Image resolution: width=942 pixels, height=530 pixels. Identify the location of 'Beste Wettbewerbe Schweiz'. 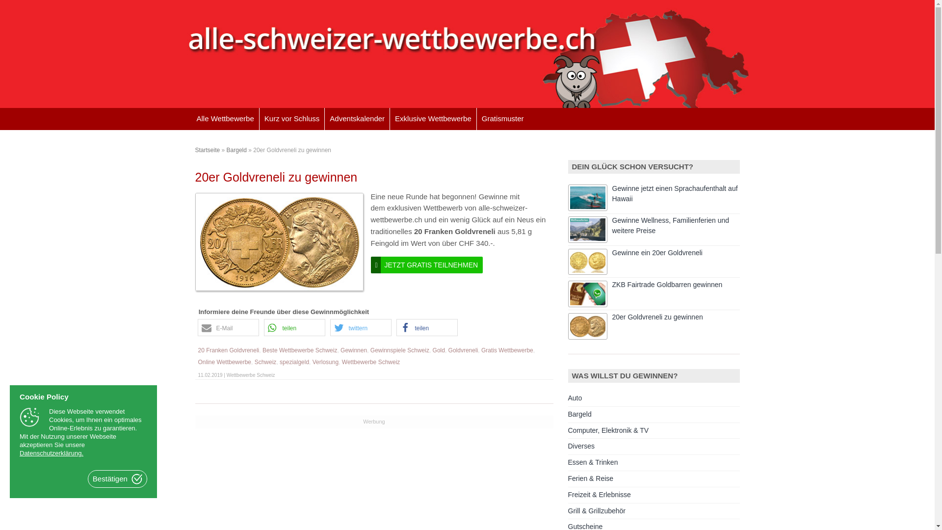
(299, 349).